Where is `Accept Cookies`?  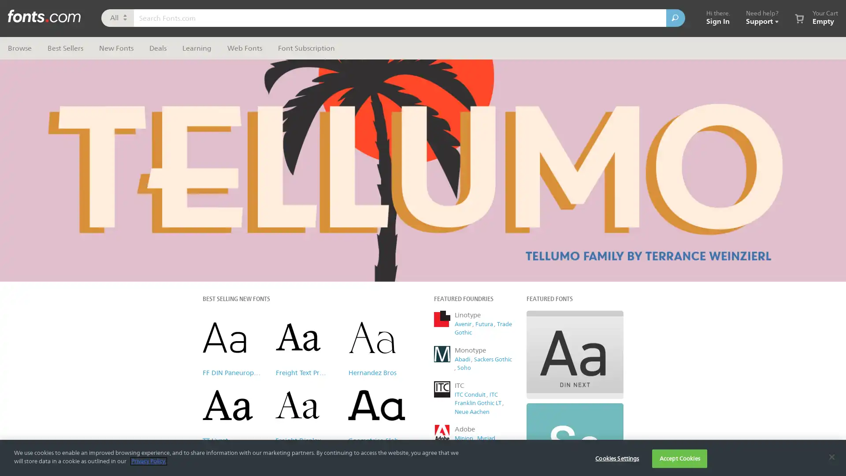 Accept Cookies is located at coordinates (679, 458).